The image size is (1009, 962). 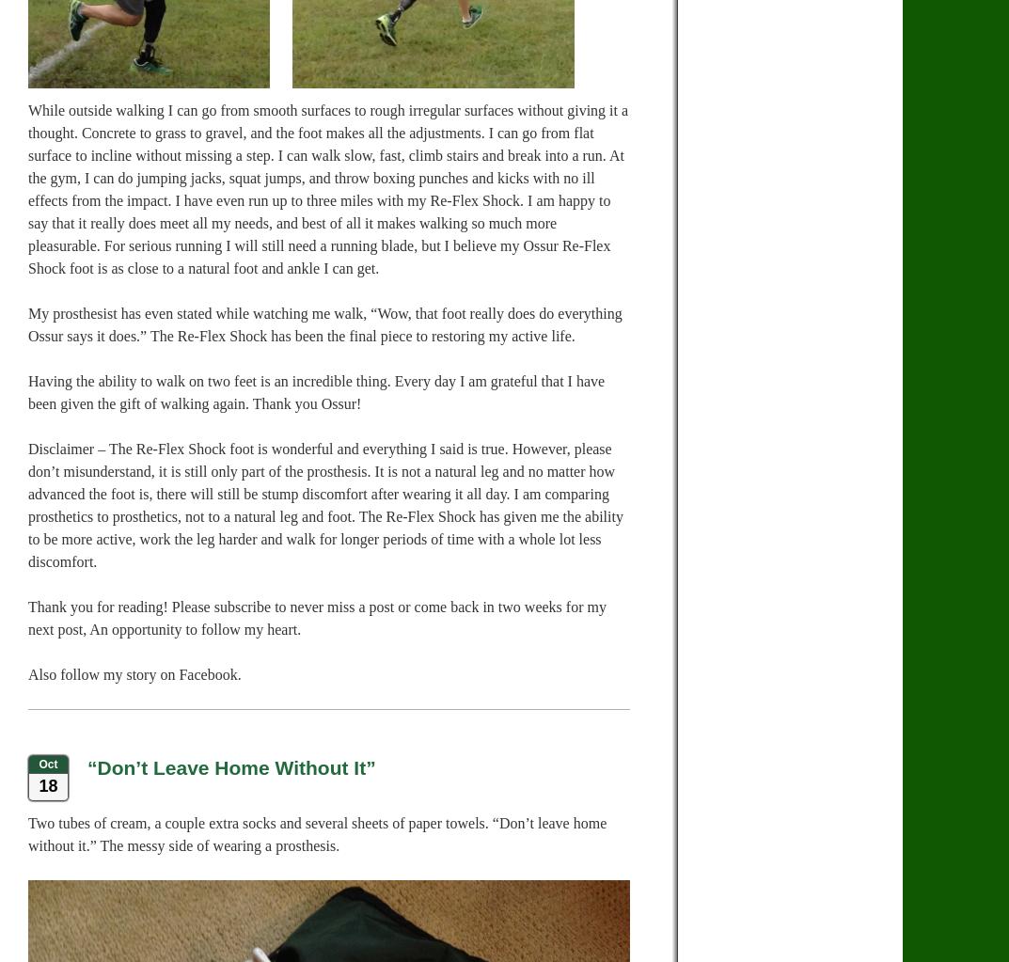 What do you see at coordinates (46, 784) in the screenshot?
I see `'18'` at bounding box center [46, 784].